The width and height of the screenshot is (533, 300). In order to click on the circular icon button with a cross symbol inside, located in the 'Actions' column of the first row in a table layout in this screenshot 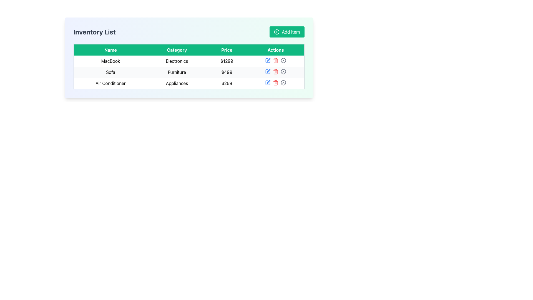, I will do `click(283, 61)`.